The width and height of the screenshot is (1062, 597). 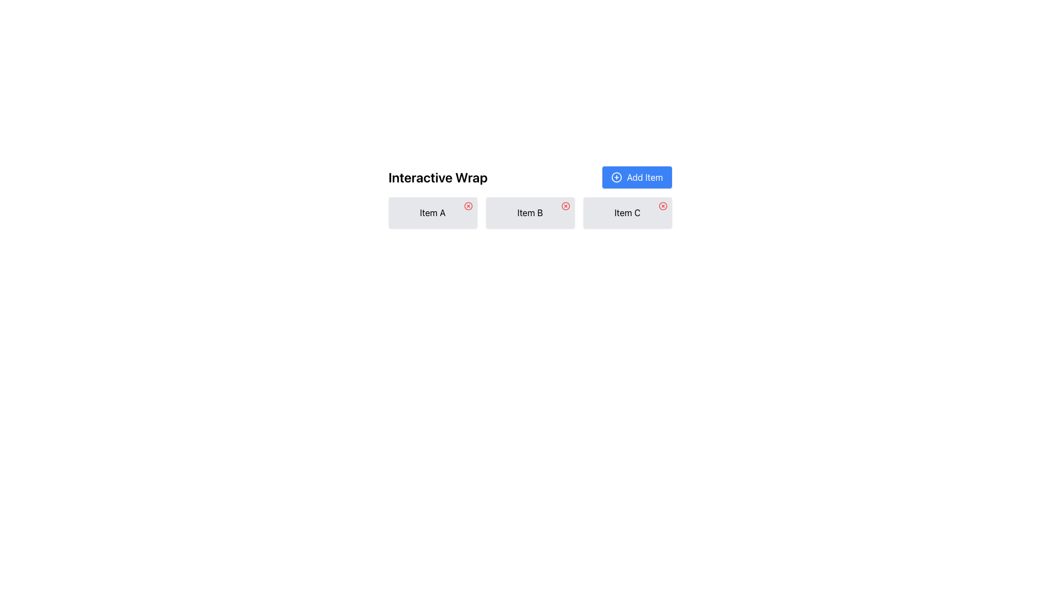 I want to click on the card labeled 'Item B', which contains a button in the top-right corner for a possible remove or delete action, so click(x=529, y=213).